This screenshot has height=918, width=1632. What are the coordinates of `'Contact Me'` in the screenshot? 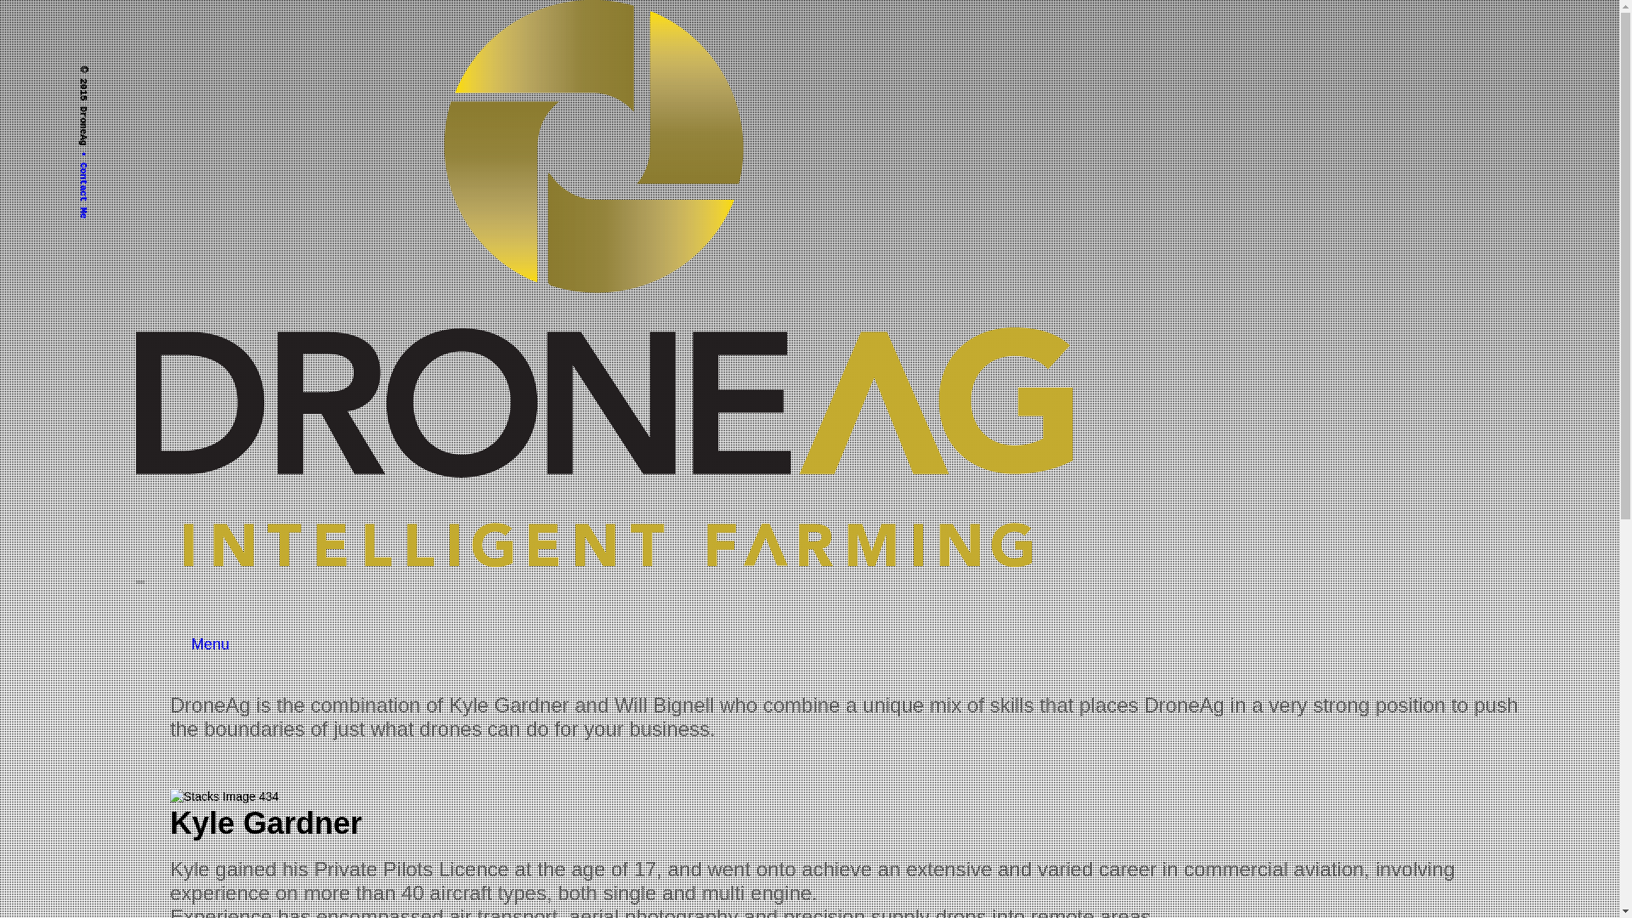 It's located at (110, 156).